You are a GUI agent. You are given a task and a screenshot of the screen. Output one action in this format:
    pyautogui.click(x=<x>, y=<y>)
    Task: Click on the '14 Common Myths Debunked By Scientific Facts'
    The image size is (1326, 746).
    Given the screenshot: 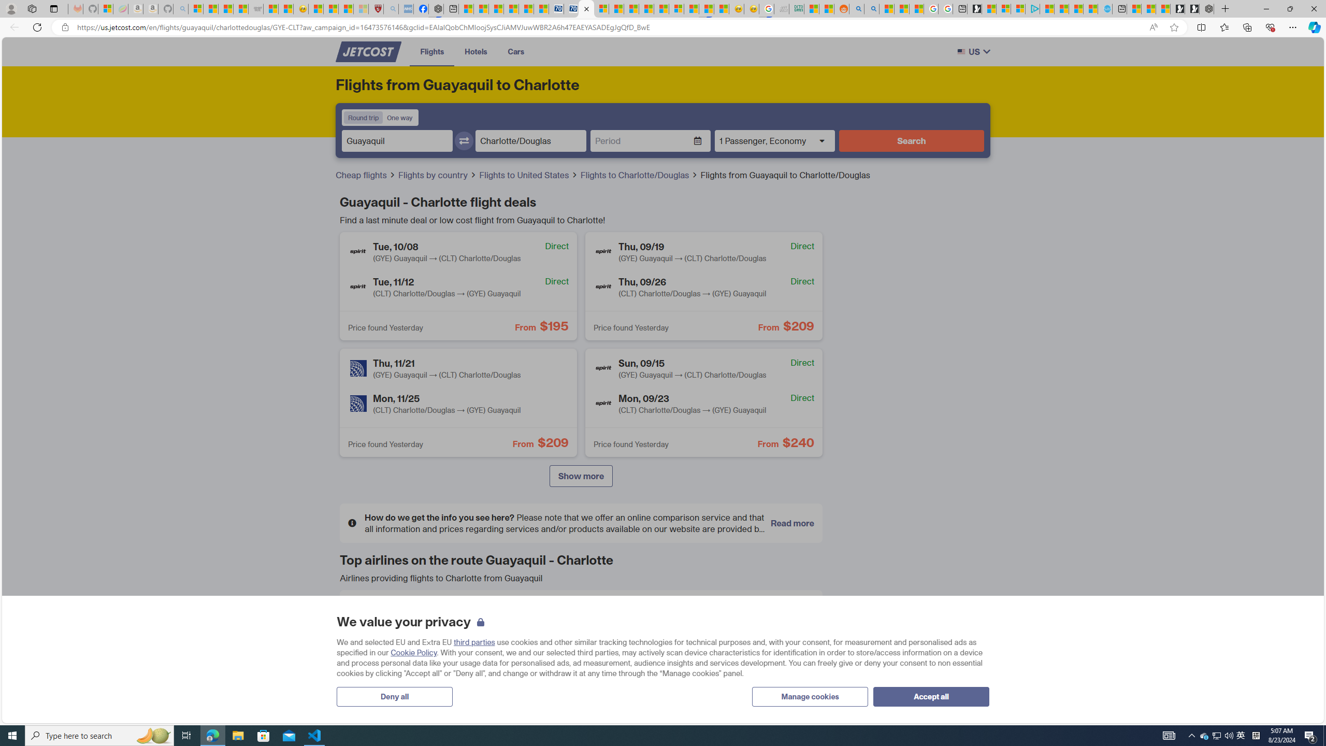 What is the action you would take?
    pyautogui.click(x=646, y=8)
    